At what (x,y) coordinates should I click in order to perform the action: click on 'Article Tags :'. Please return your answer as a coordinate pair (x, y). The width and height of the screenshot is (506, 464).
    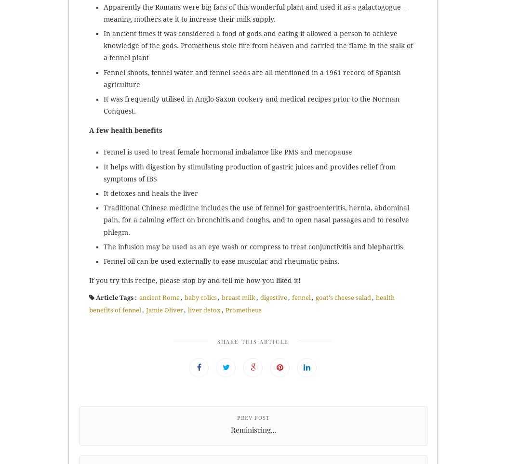
    Looking at the image, I should click on (117, 297).